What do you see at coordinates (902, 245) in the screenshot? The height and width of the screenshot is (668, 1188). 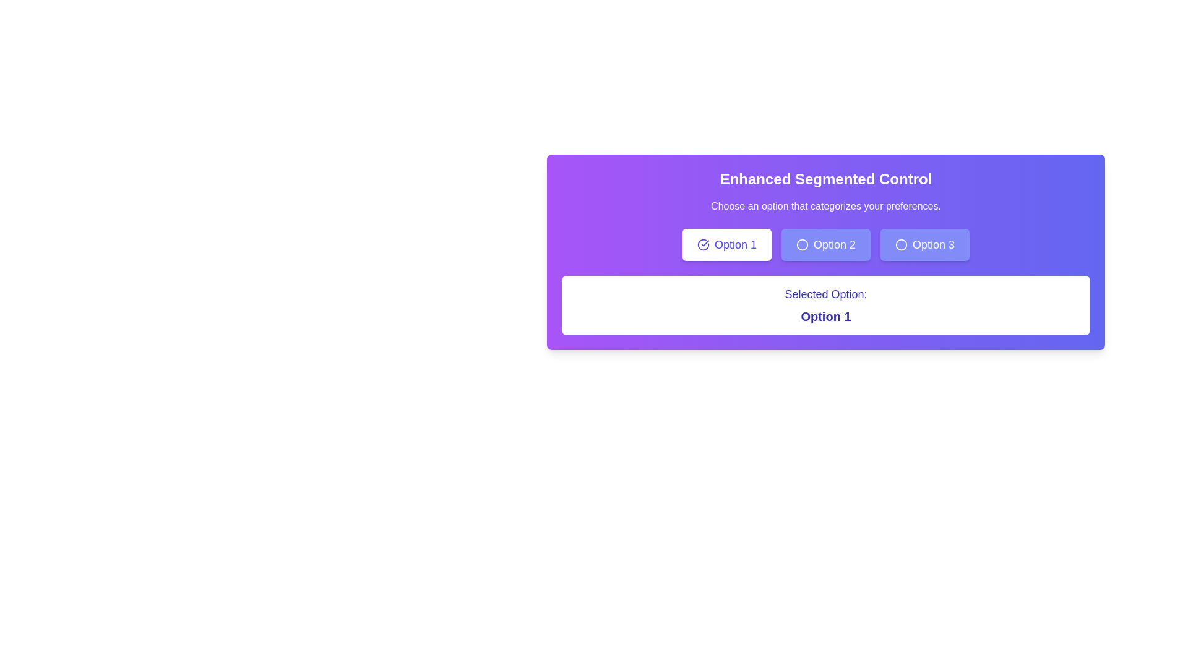 I see `the circular icon located to the left of the text 'Option 3' within the 'Option 3' button on the purple panel` at bounding box center [902, 245].